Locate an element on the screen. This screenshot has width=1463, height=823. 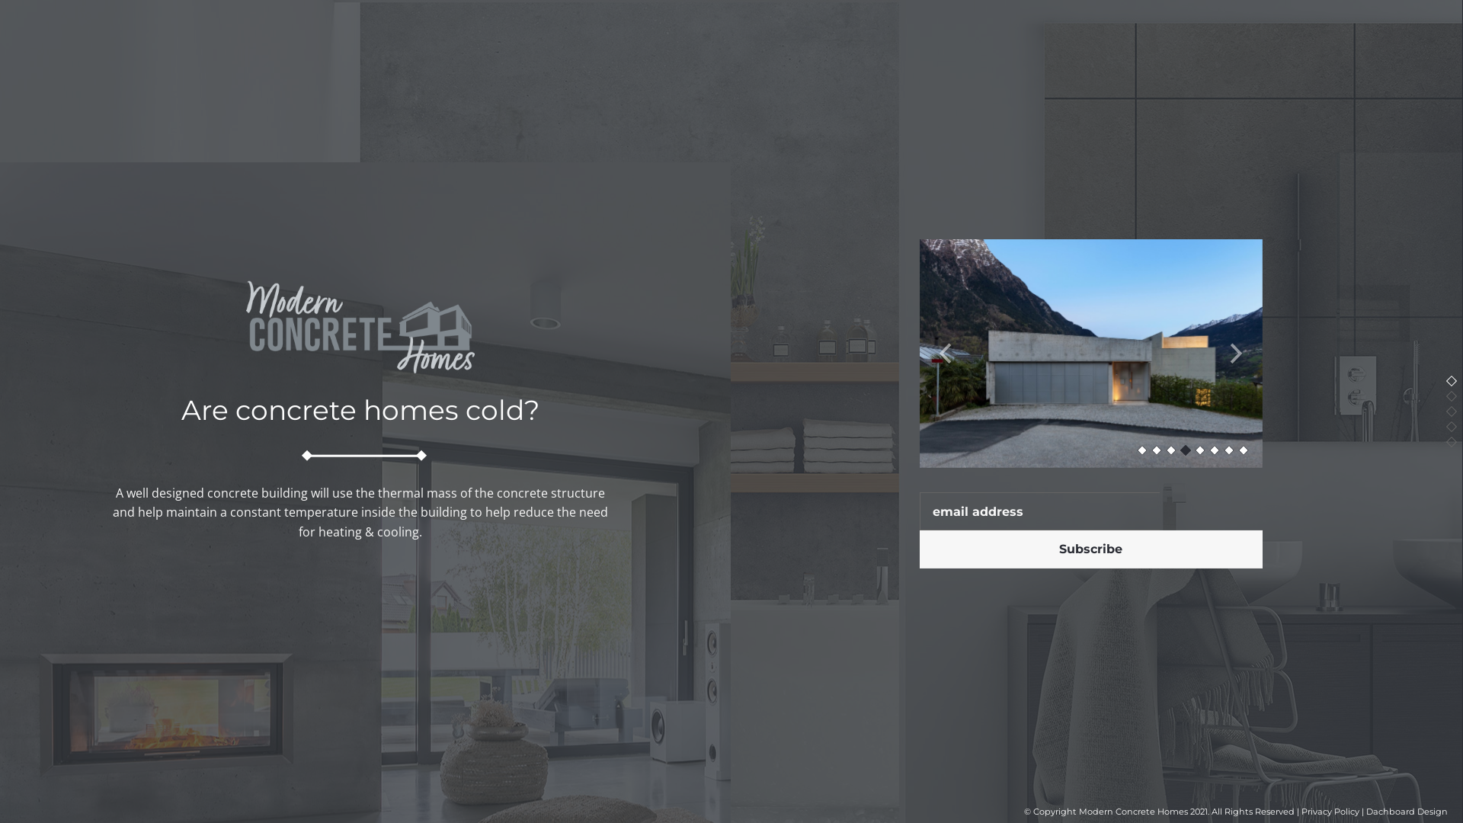
'Subscribe' is located at coordinates (1089, 549).